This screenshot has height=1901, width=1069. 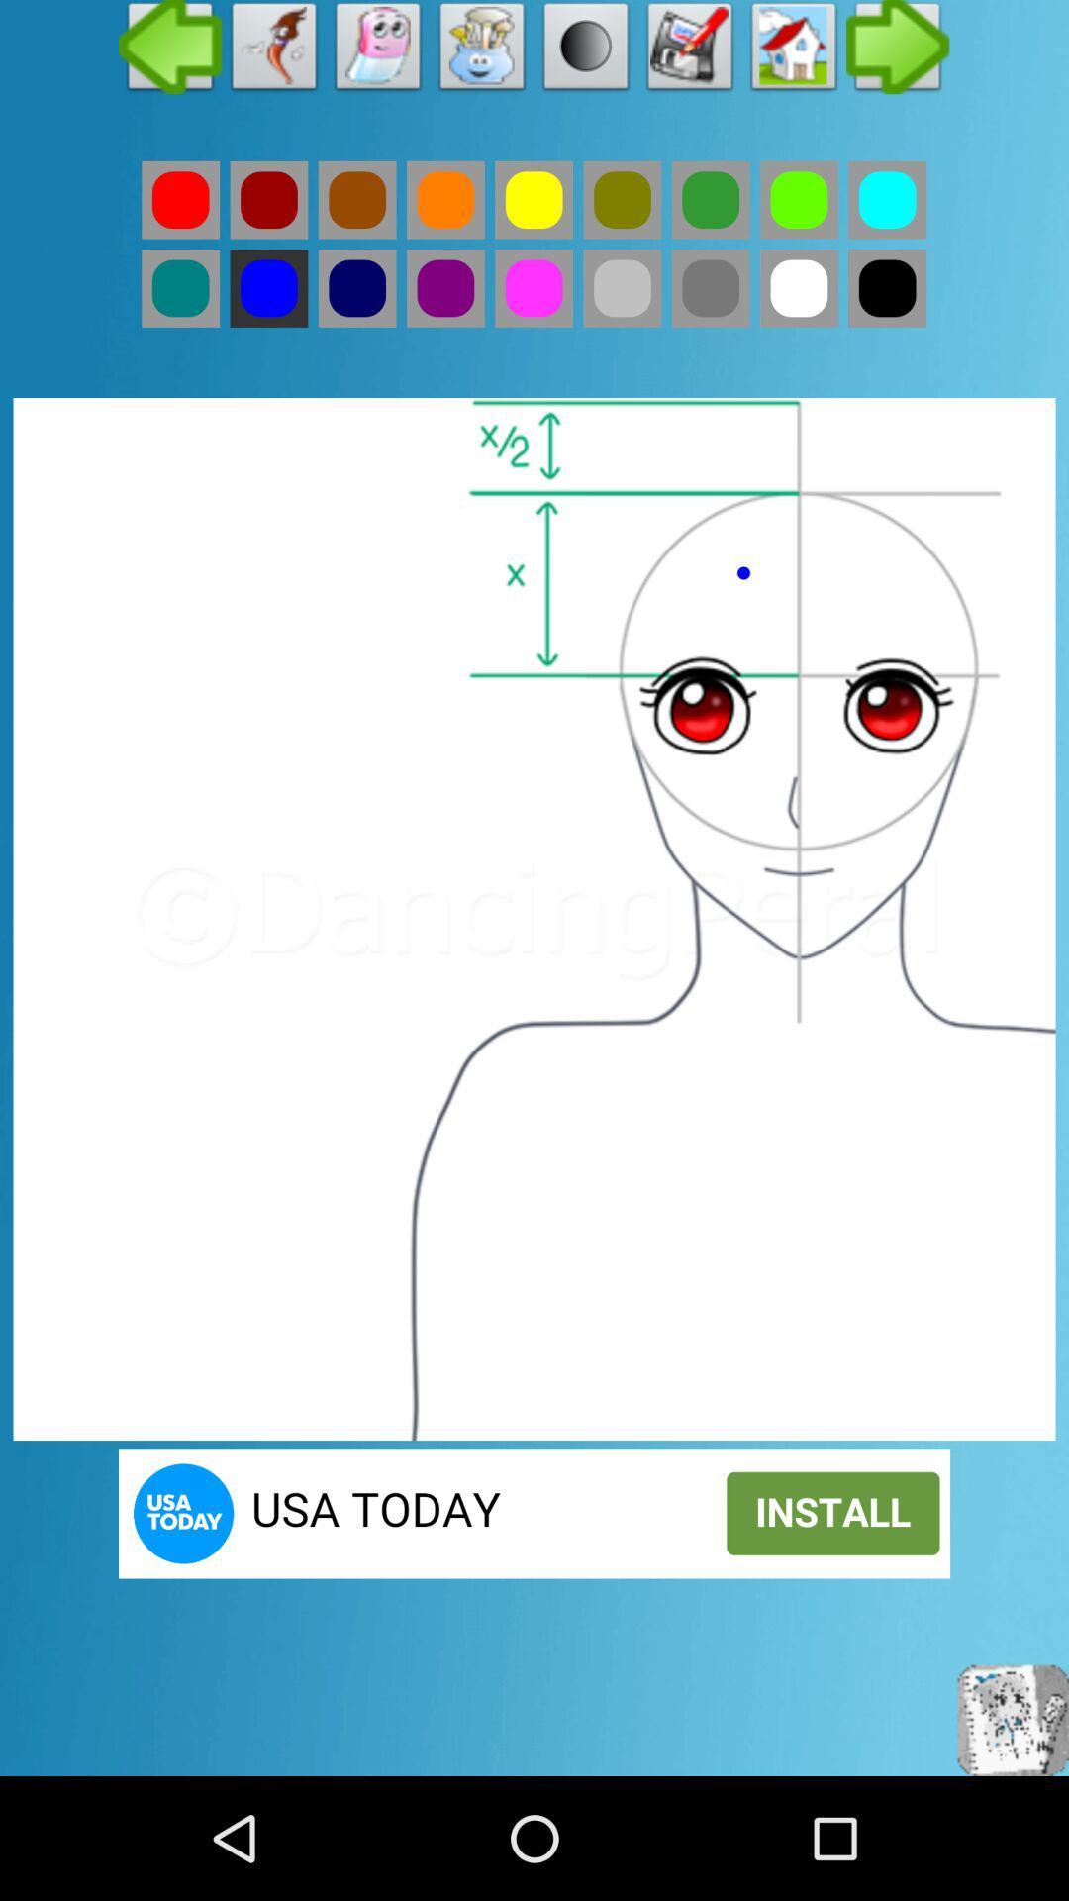 What do you see at coordinates (533, 287) in the screenshot?
I see `the colour option` at bounding box center [533, 287].